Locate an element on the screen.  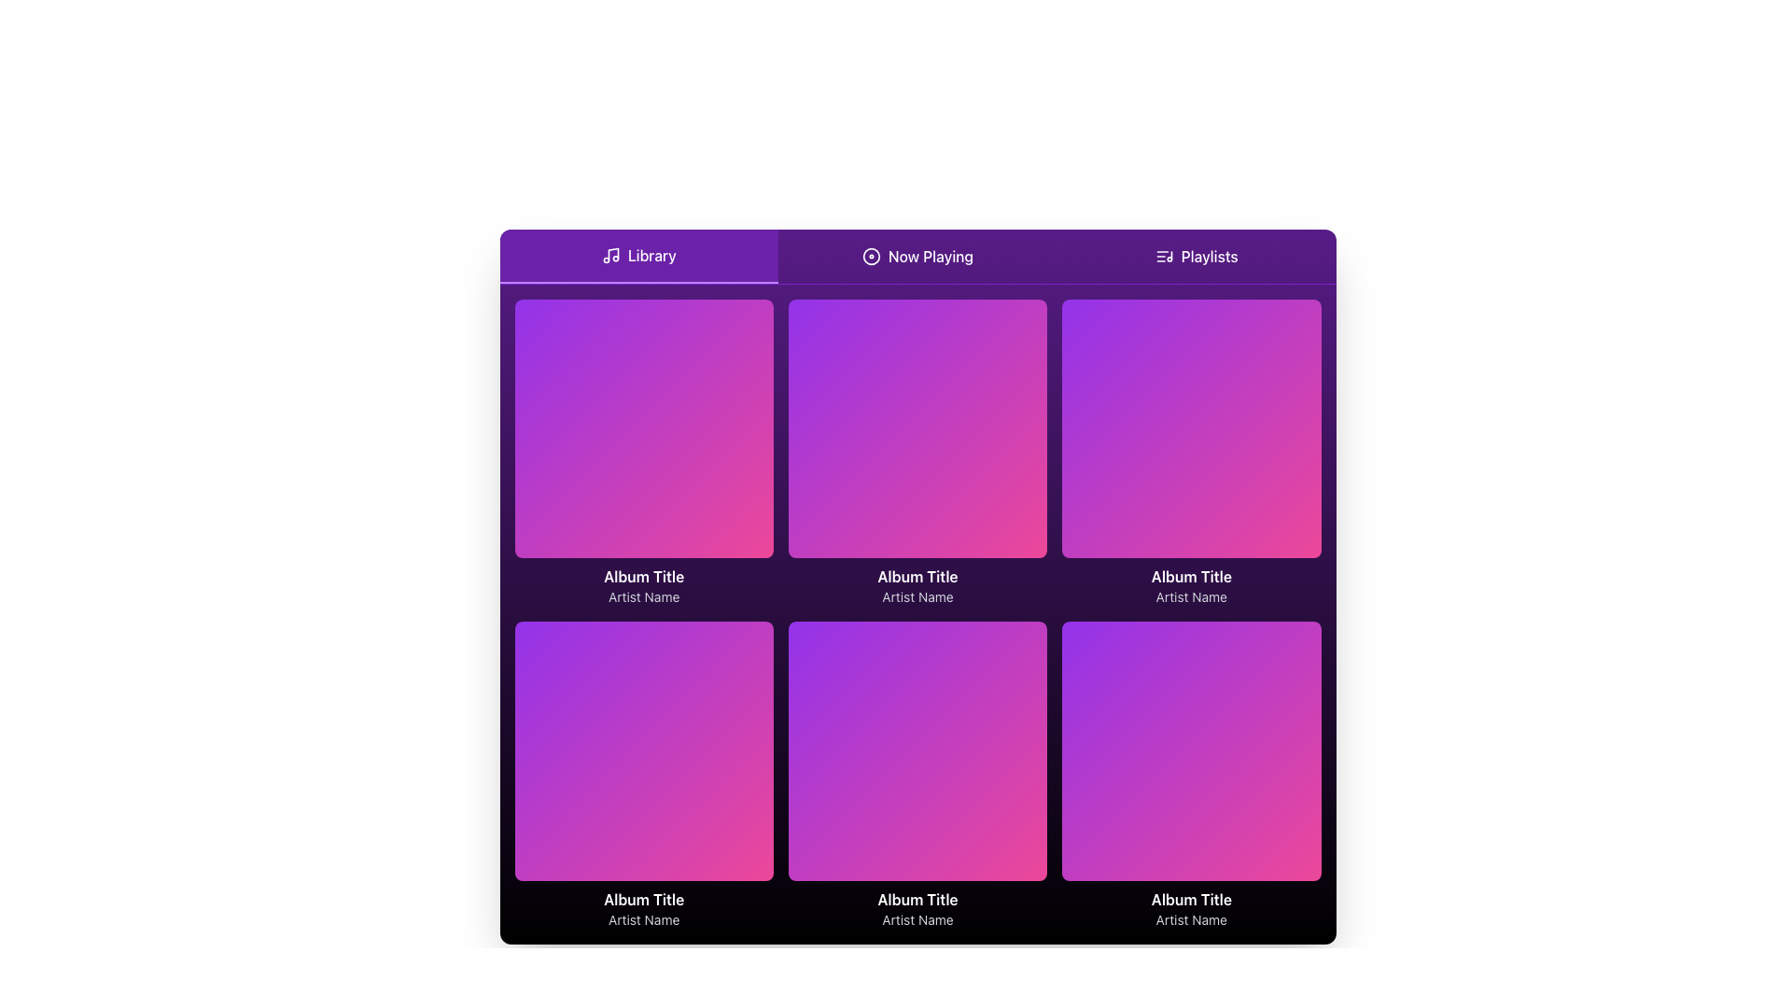
text displayed in the Text Block that shows the name and artist of the album, located in the bottom-center area of the first square in the second row of the grid layout is located at coordinates (644, 585).